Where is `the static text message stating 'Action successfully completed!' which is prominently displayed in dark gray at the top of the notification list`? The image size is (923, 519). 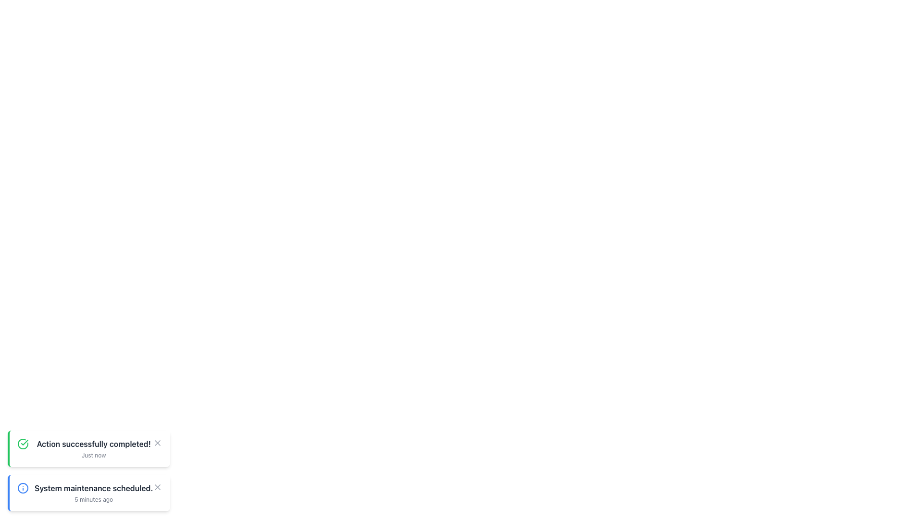
the static text message stating 'Action successfully completed!' which is prominently displayed in dark gray at the top of the notification list is located at coordinates (94, 444).